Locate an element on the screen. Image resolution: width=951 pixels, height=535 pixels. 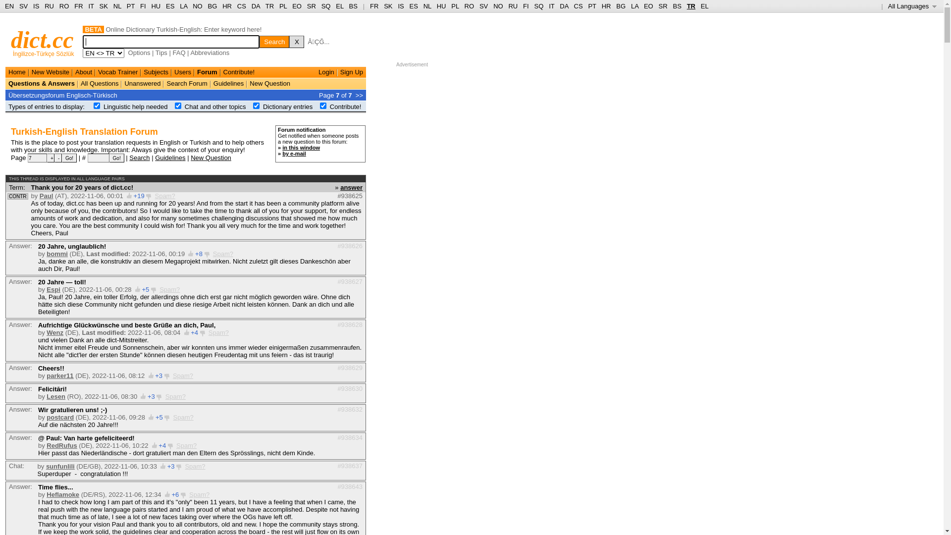
'X' is located at coordinates (289, 41).